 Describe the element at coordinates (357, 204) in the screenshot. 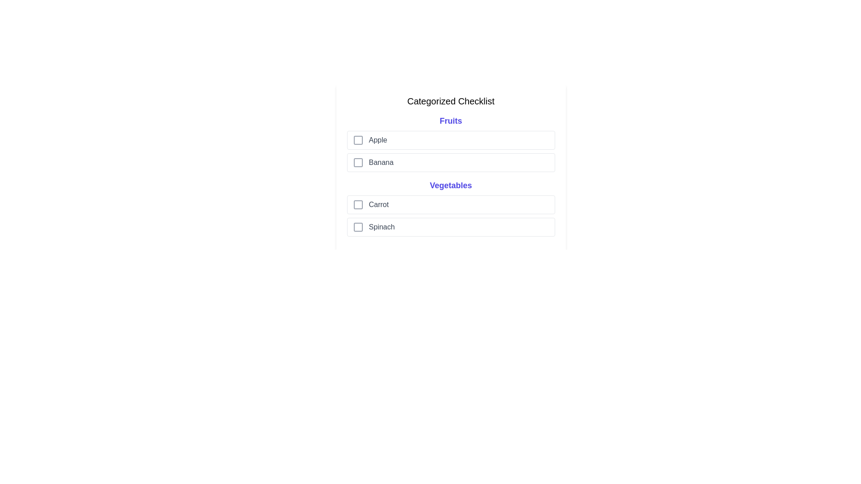

I see `the Decorative SVG icon, which is a gray square icon with thin lines located to the left of the text 'Carrot' in the checklist item under 'Vegetables'` at that location.